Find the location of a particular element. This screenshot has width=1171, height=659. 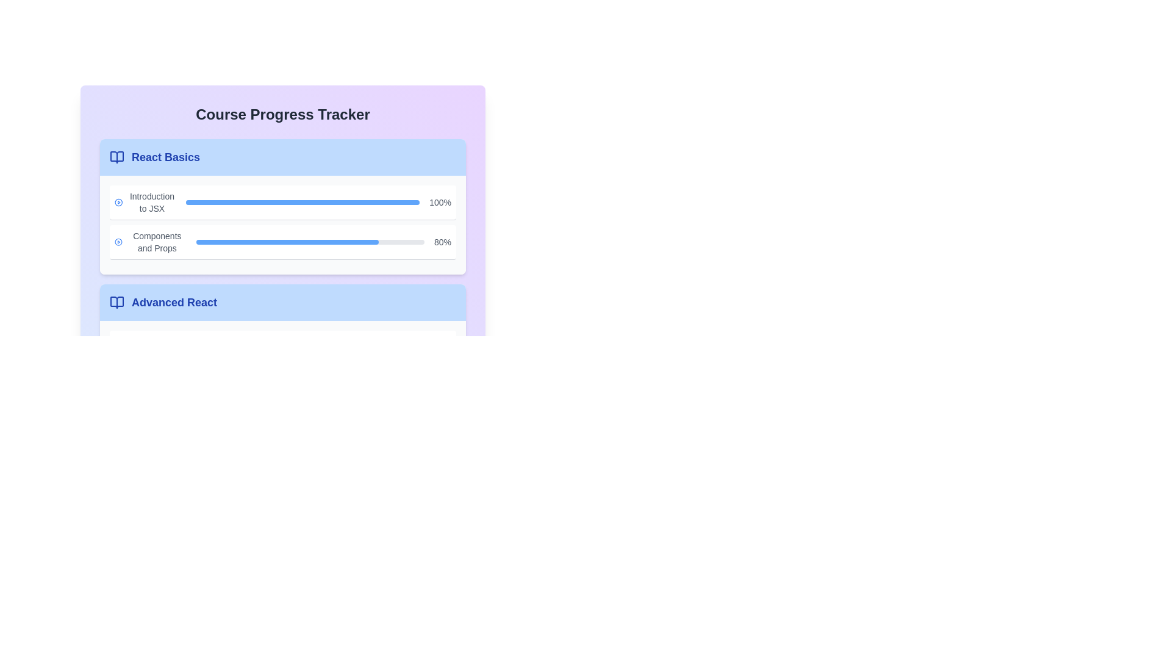

the 'React Basics' text label with the accompanying icon is located at coordinates (154, 157).